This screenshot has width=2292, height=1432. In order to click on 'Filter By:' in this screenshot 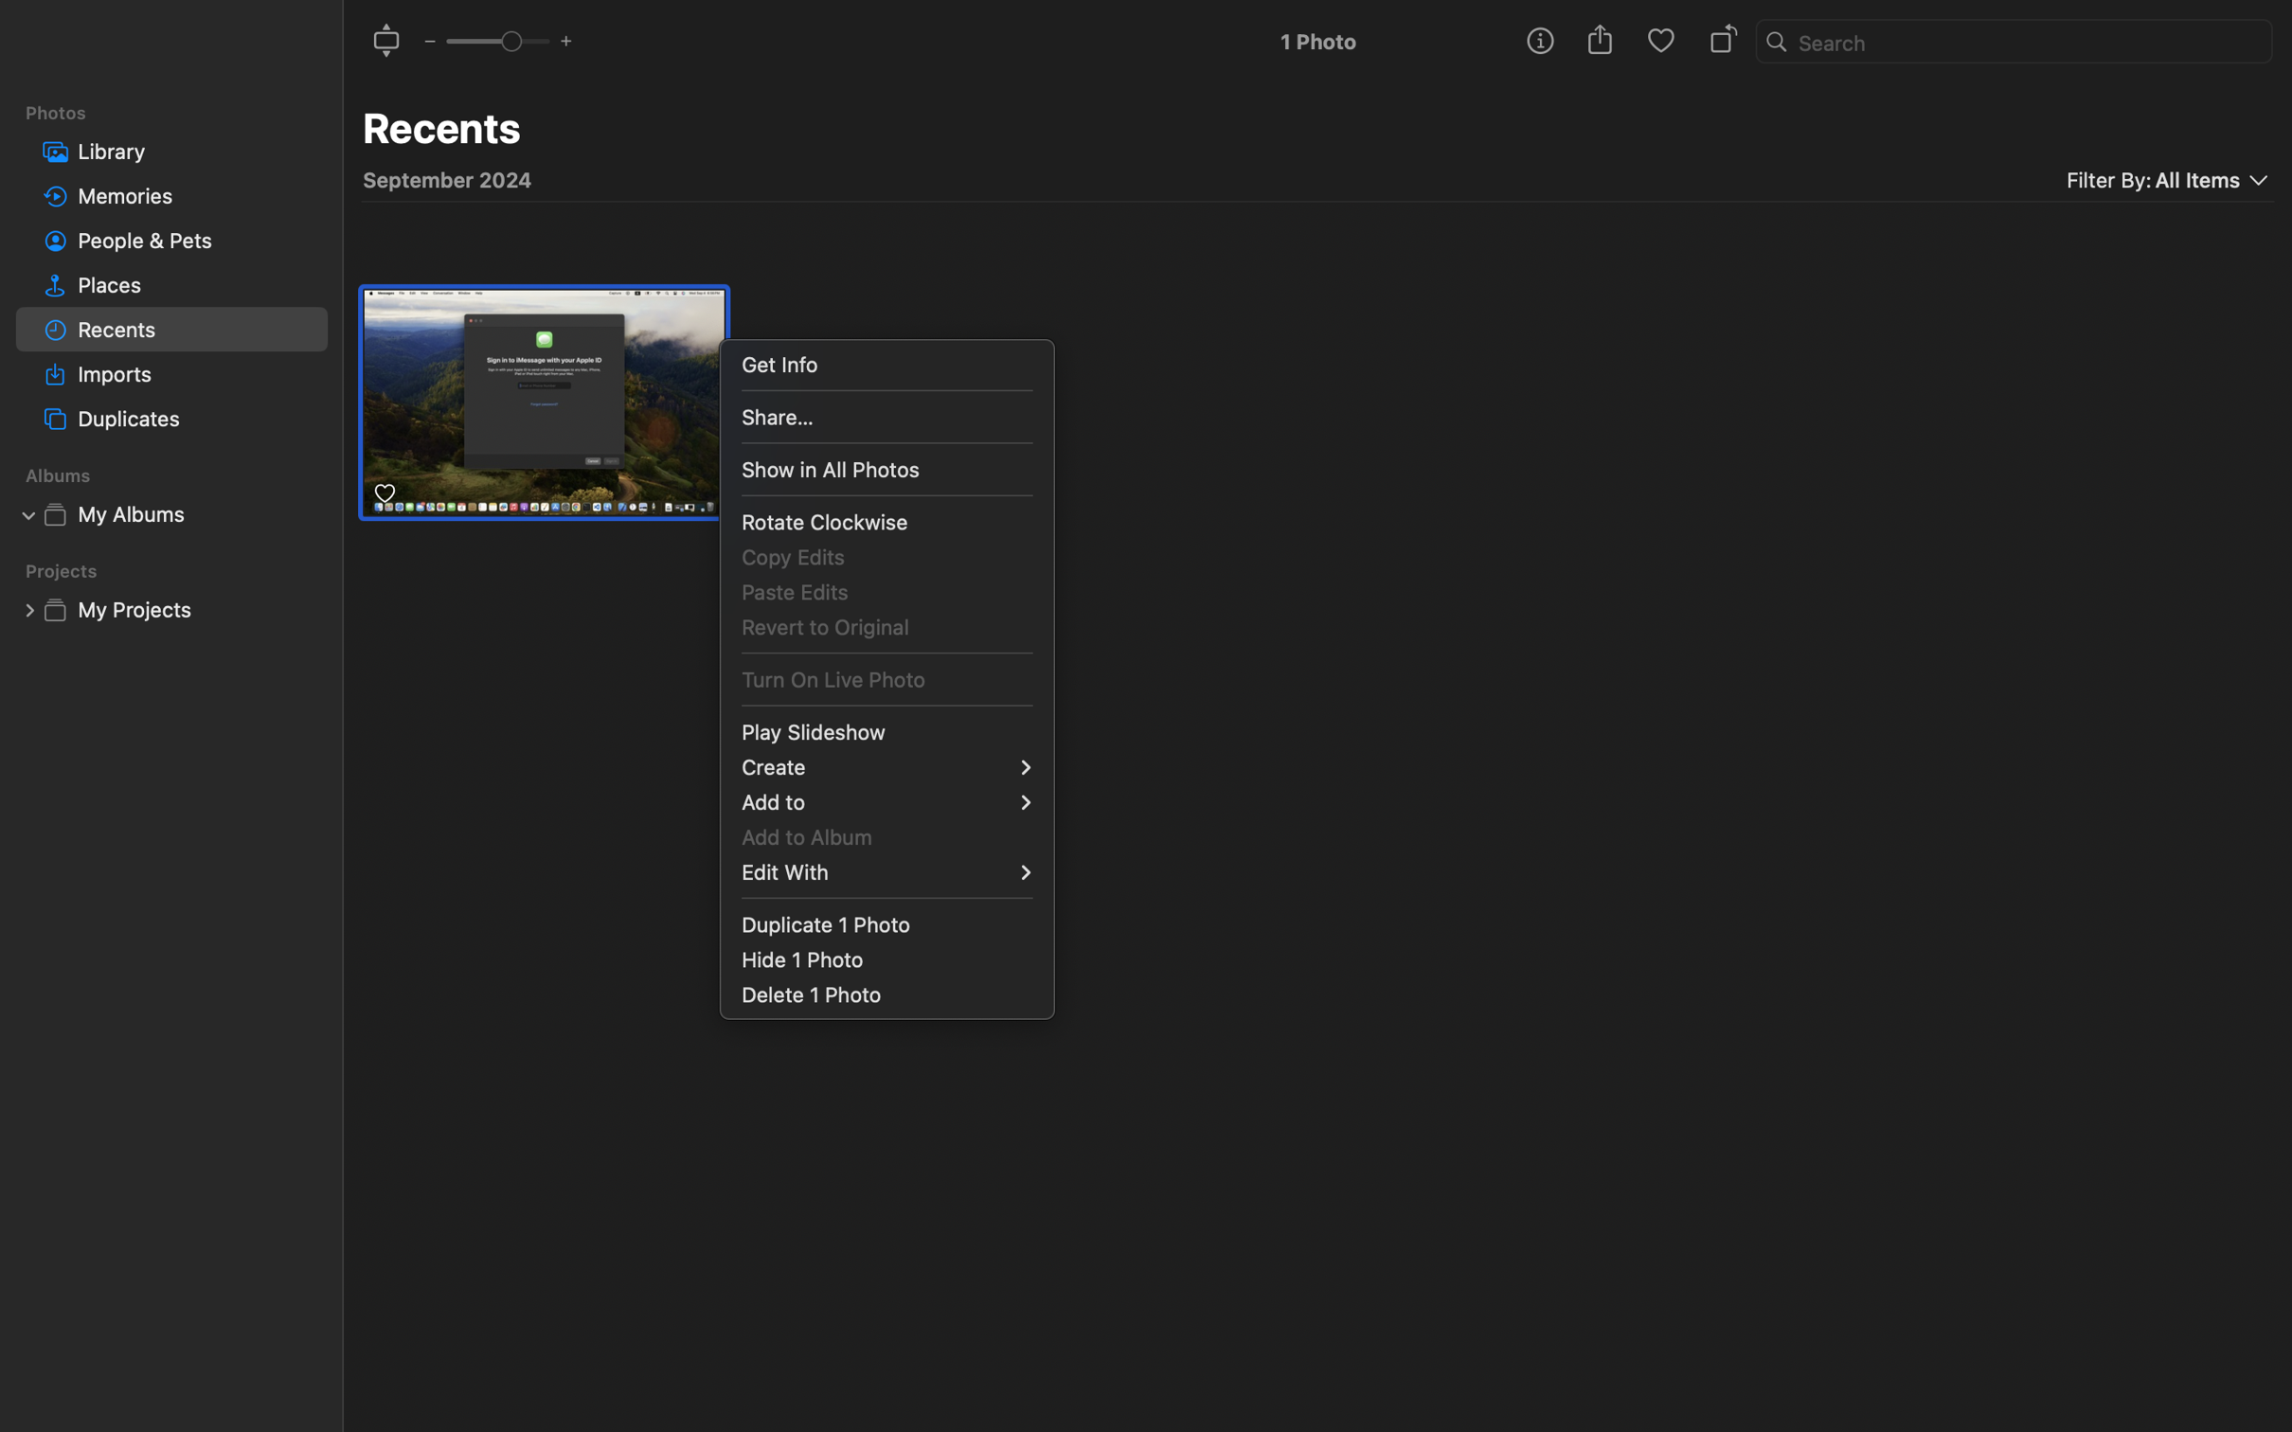, I will do `click(2108, 180)`.